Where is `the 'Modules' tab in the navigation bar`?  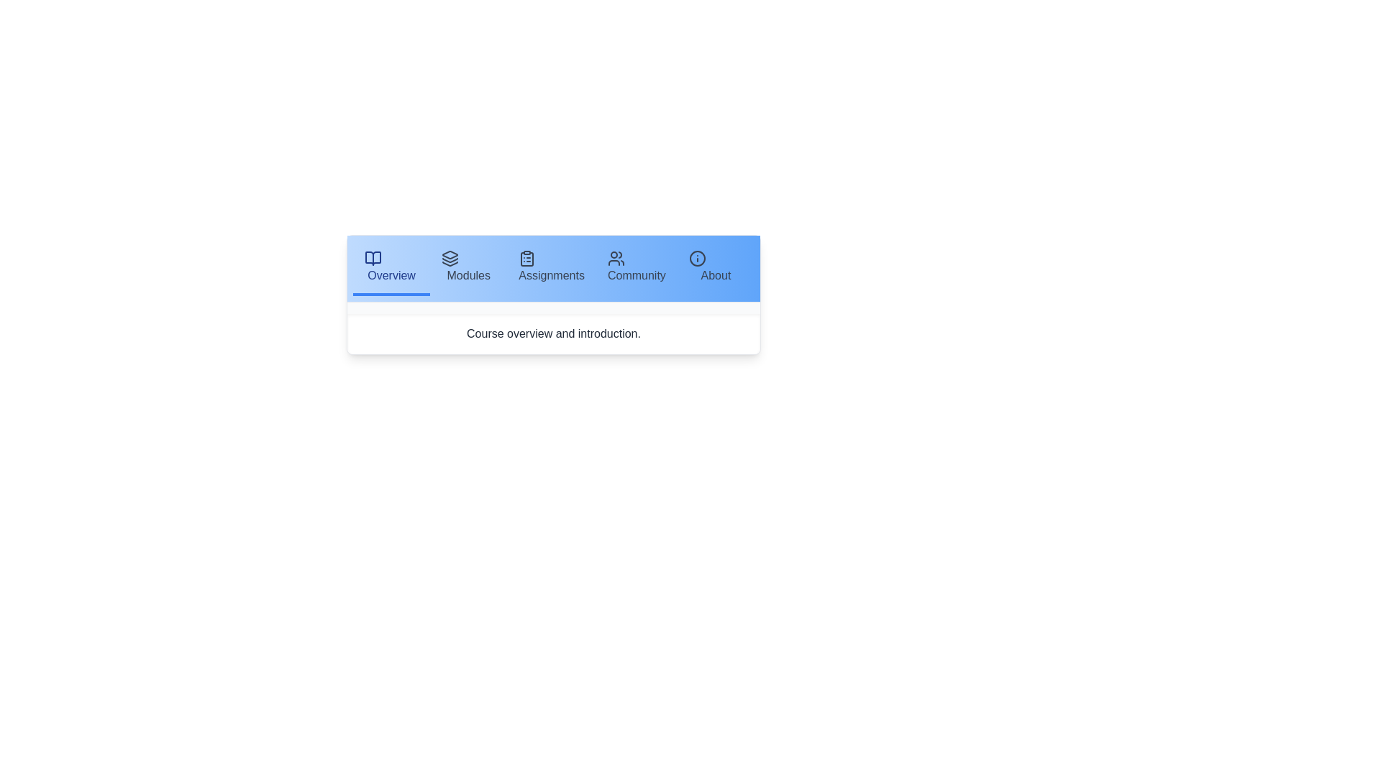 the 'Modules' tab in the navigation bar is located at coordinates (468, 269).